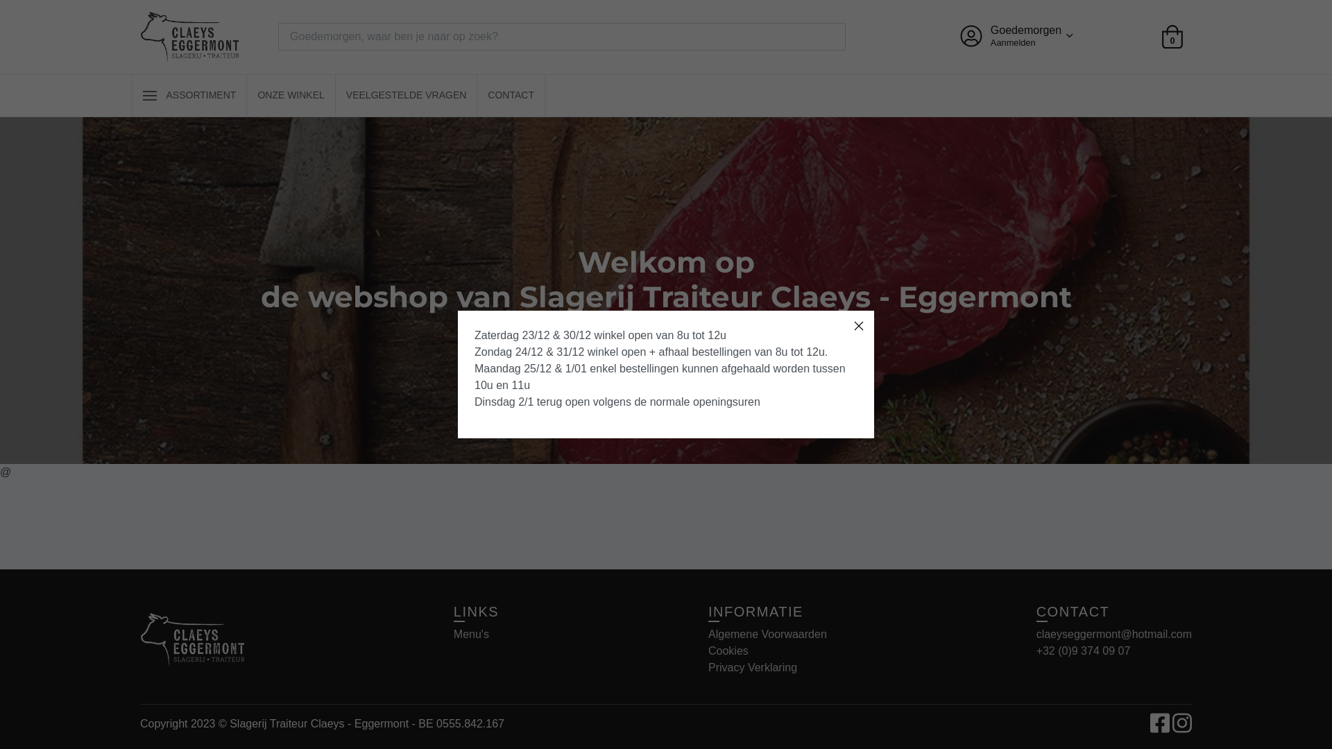  Describe the element at coordinates (1082, 651) in the screenshot. I see `'+32 (0)9 374 09 07'` at that location.